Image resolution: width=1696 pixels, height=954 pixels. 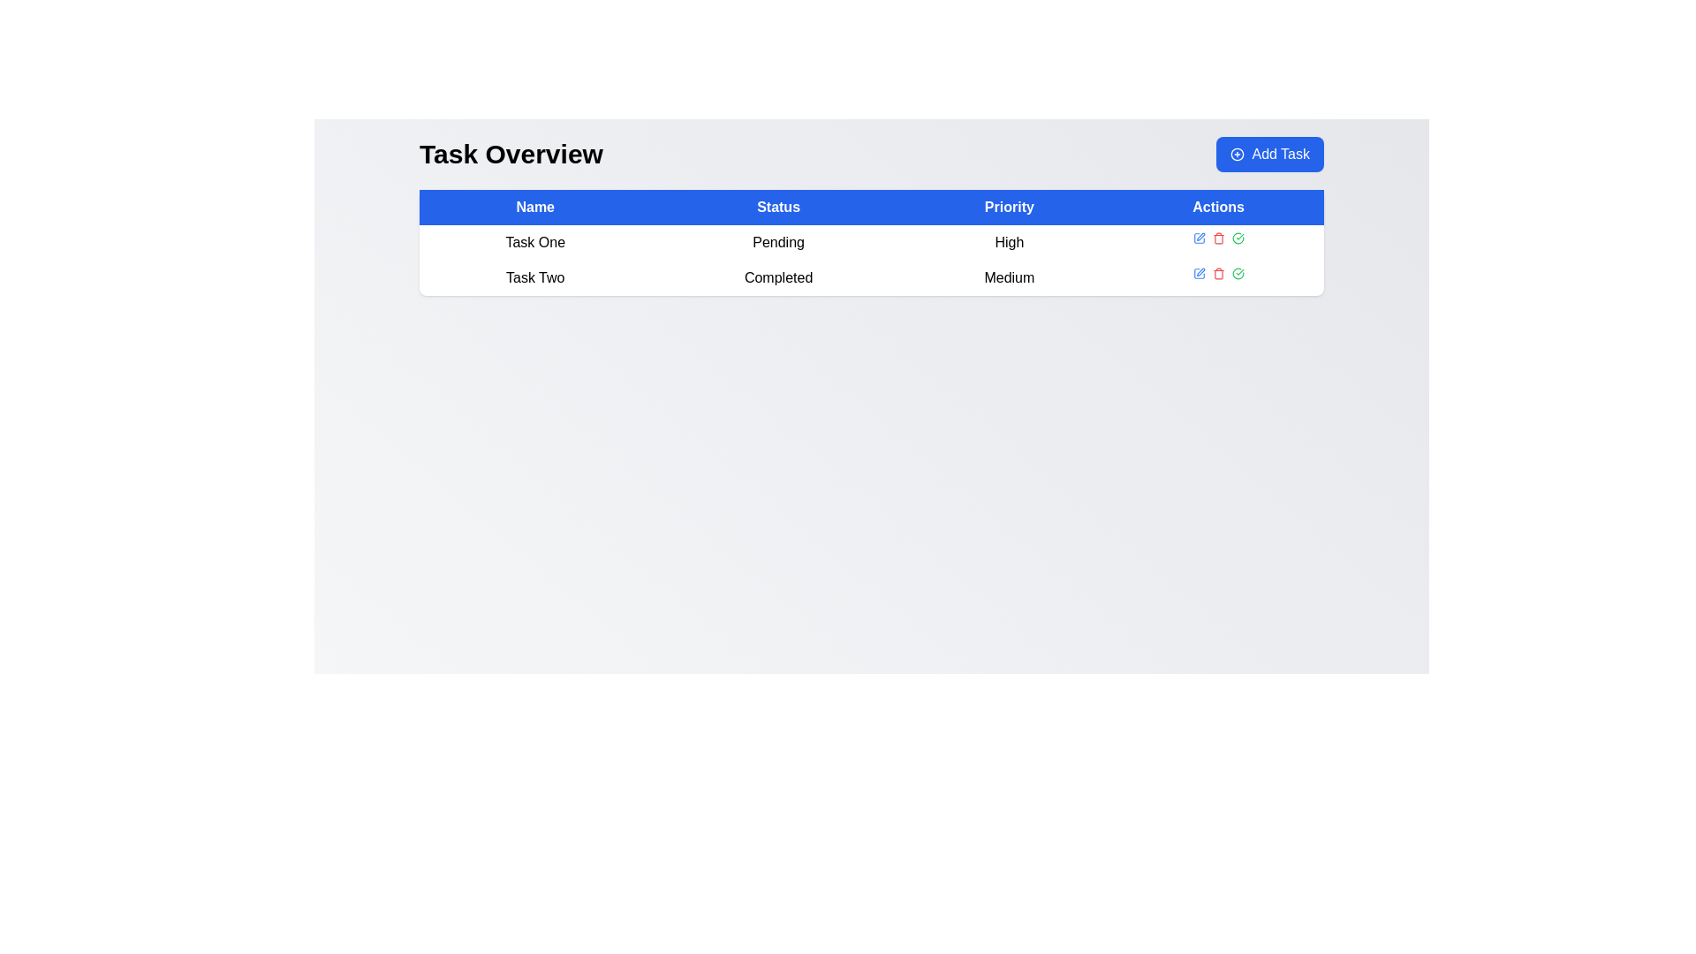 What do you see at coordinates (1237, 153) in the screenshot?
I see `the circular icon element located within the 'Add Task' button at the top-right corner of the interface` at bounding box center [1237, 153].